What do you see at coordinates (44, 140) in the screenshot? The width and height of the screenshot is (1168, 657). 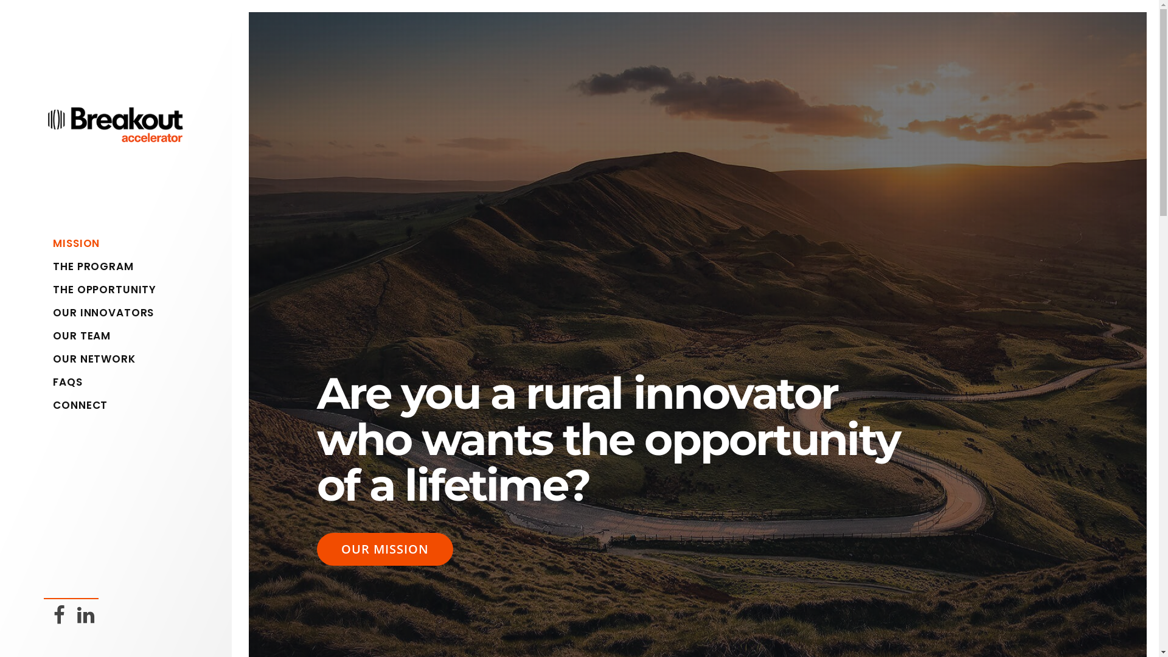 I see `'Breakout Accelerator'` at bounding box center [44, 140].